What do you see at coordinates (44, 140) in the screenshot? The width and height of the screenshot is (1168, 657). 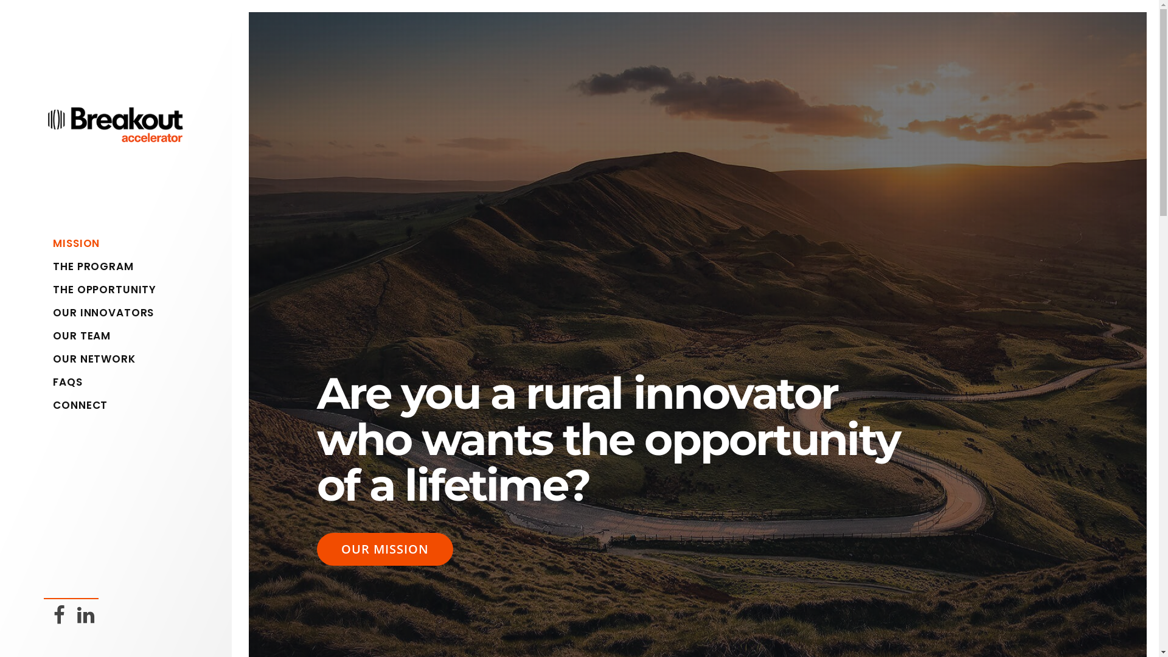 I see `'Breakout Accelerator'` at bounding box center [44, 140].